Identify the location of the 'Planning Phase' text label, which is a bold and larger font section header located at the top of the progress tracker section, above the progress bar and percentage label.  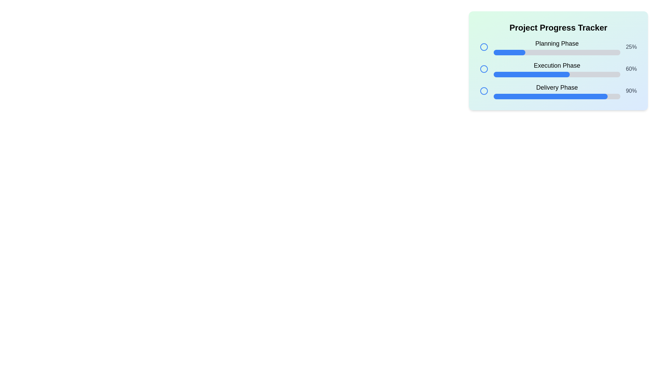
(557, 44).